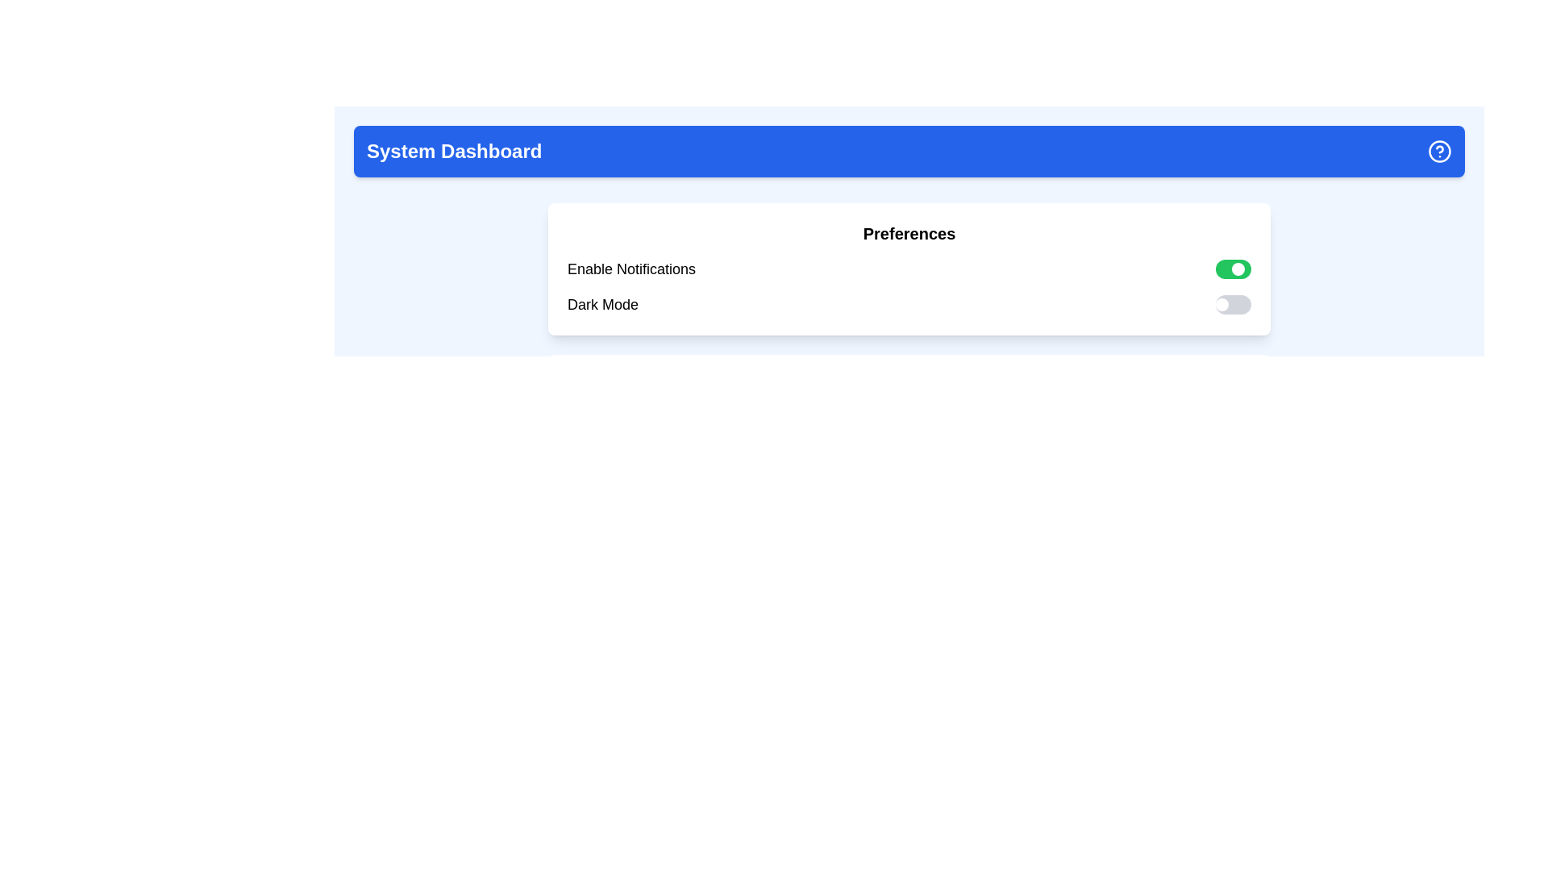 Image resolution: width=1548 pixels, height=871 pixels. What do you see at coordinates (1439, 152) in the screenshot?
I see `the circular blue icon with a question mark inside, located at the top right corner of the blue header bar containing 'System Dashboard', for more options` at bounding box center [1439, 152].